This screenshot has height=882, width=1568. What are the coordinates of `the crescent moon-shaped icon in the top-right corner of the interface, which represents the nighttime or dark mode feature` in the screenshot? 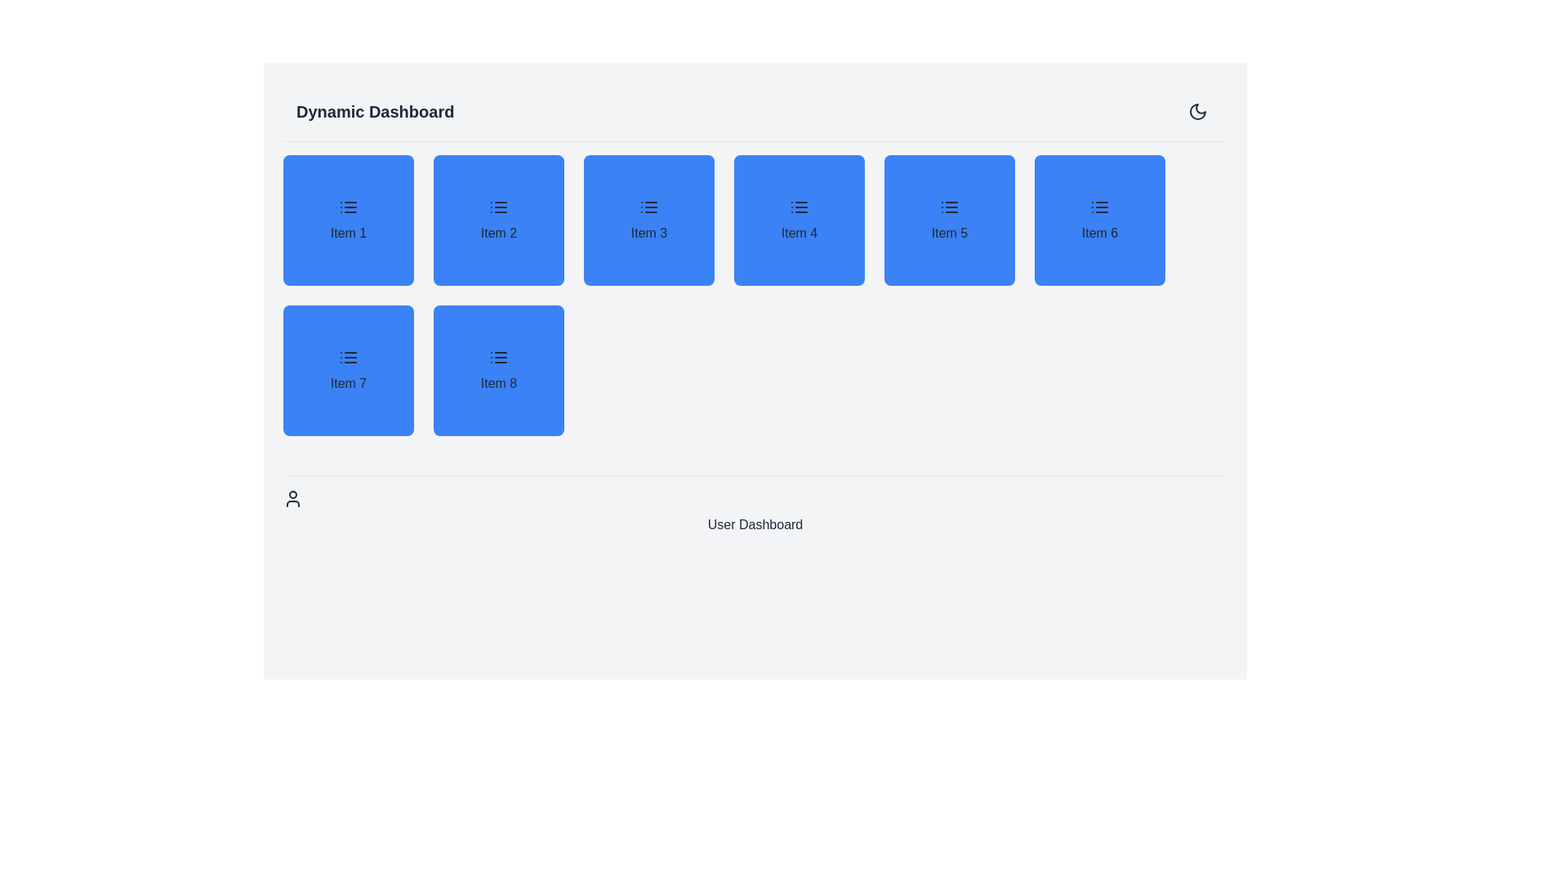 It's located at (1198, 111).